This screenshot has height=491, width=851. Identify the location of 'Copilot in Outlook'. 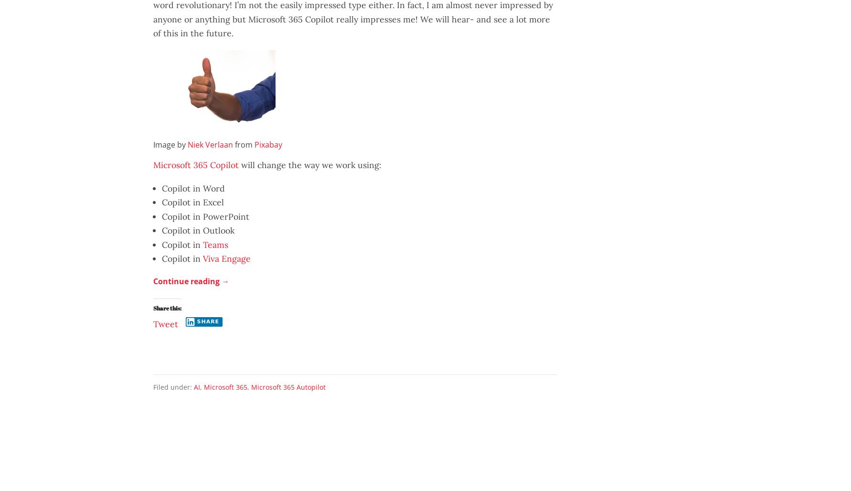
(197, 230).